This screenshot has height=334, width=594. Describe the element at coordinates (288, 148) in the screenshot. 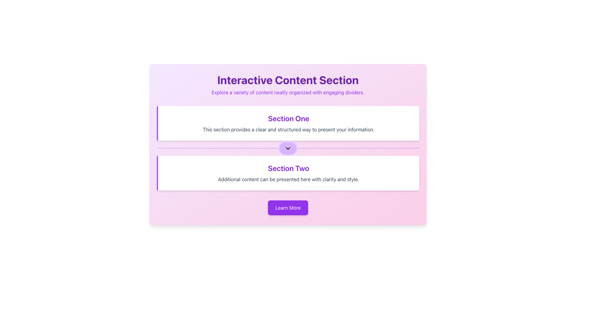

I see `the interactive icon element located between 'Section One' and 'Section Two'` at that location.